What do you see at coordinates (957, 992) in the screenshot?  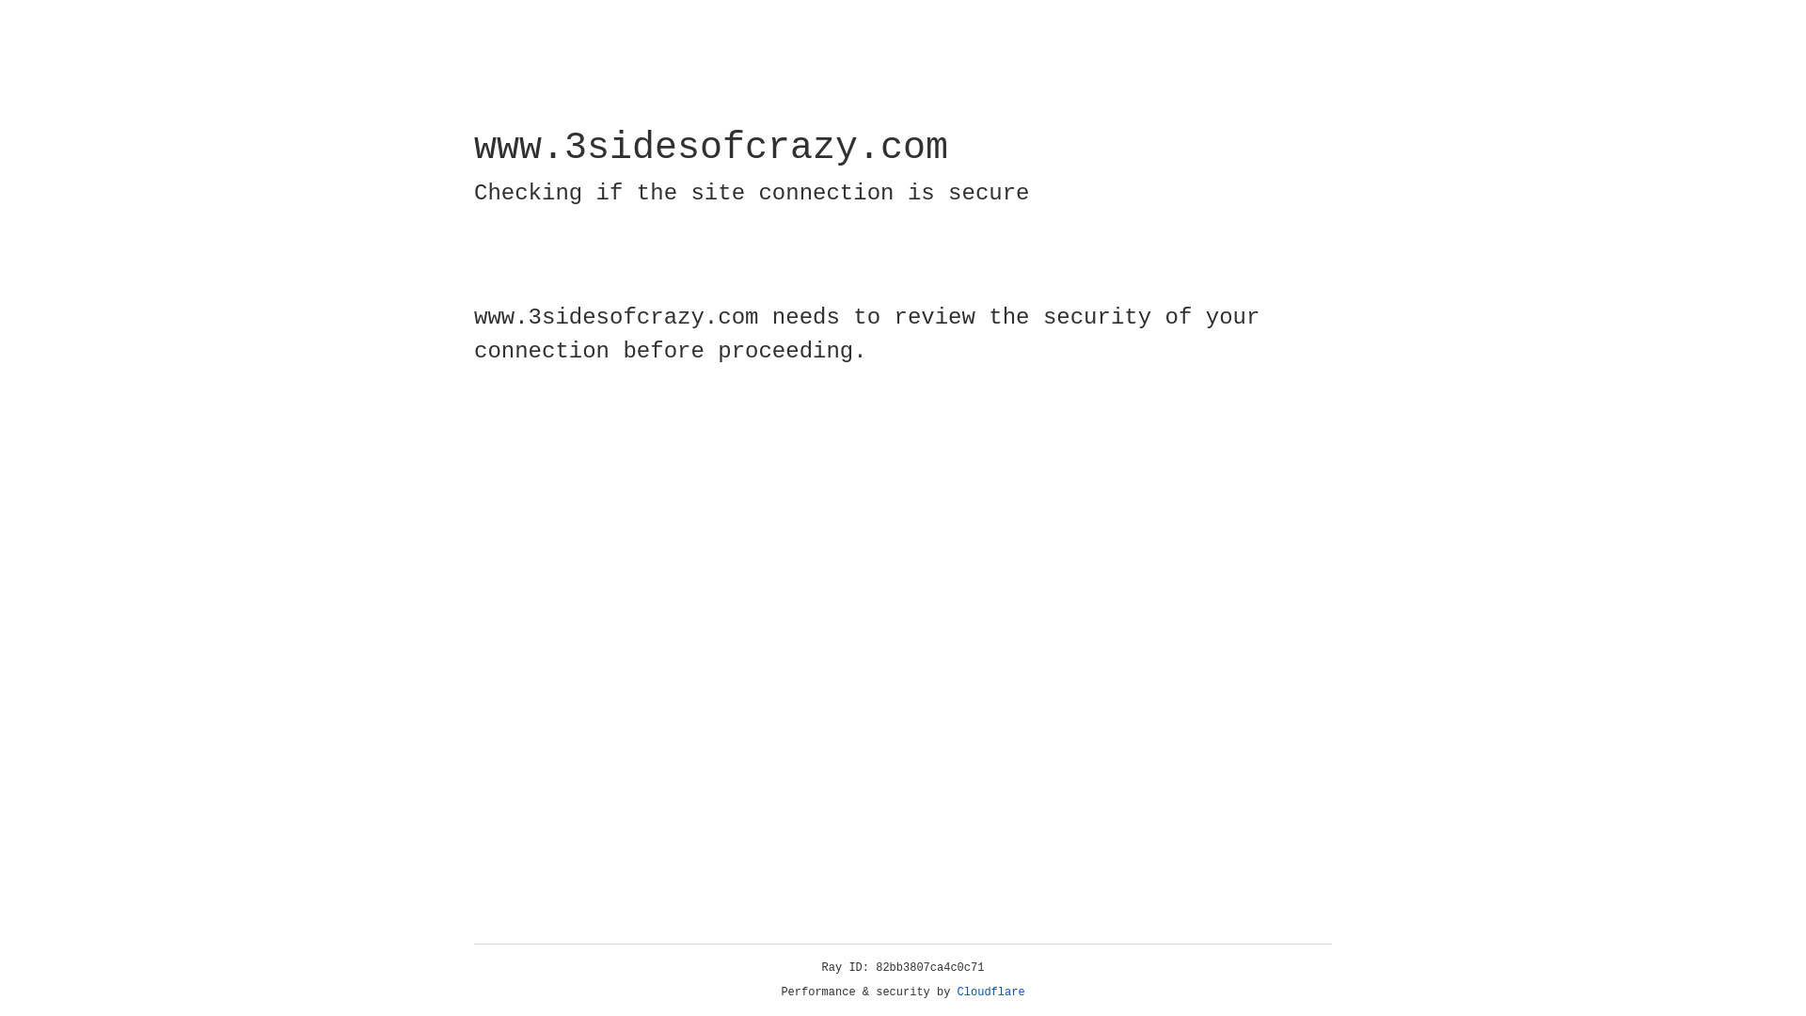 I see `'Cloudflare'` at bounding box center [957, 992].